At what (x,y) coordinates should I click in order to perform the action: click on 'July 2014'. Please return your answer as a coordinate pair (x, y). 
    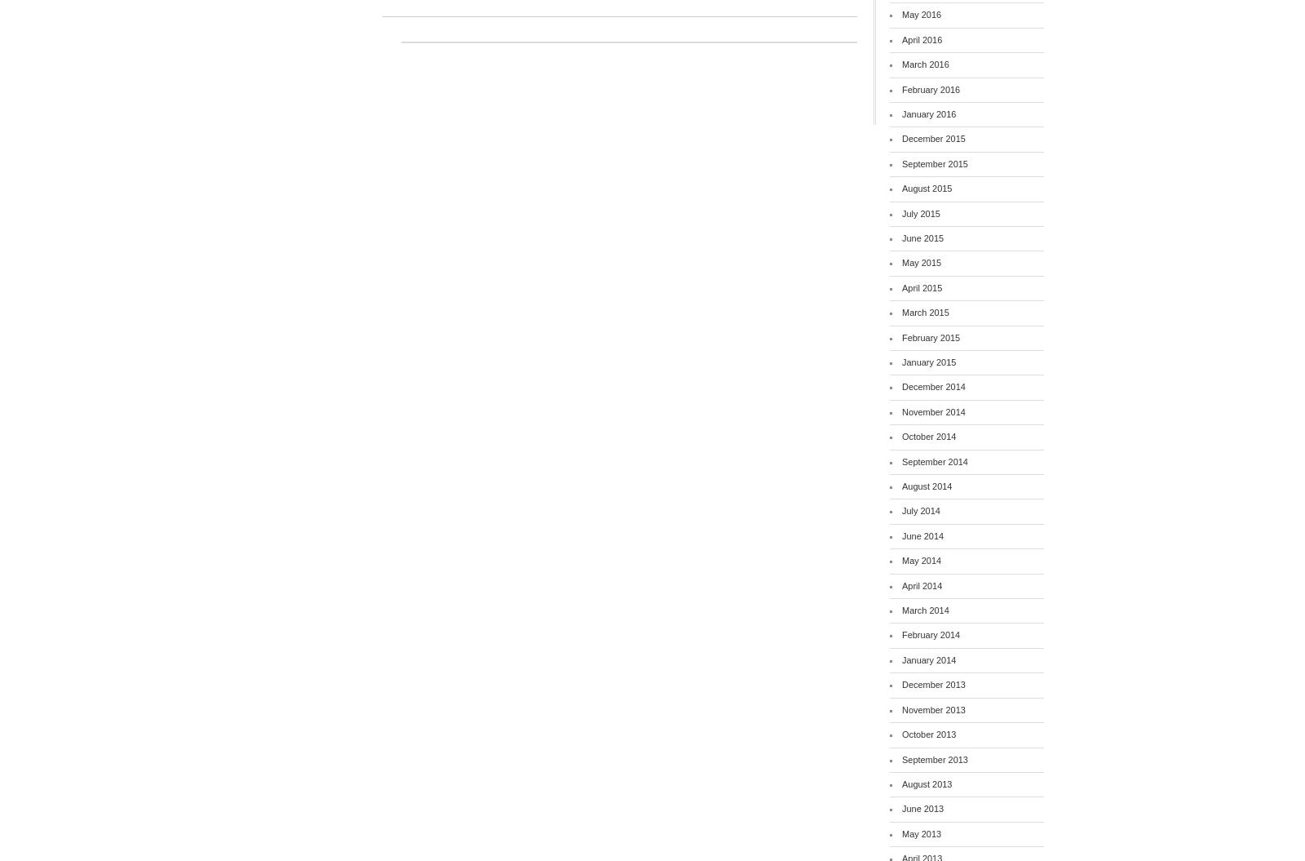
    Looking at the image, I should click on (902, 511).